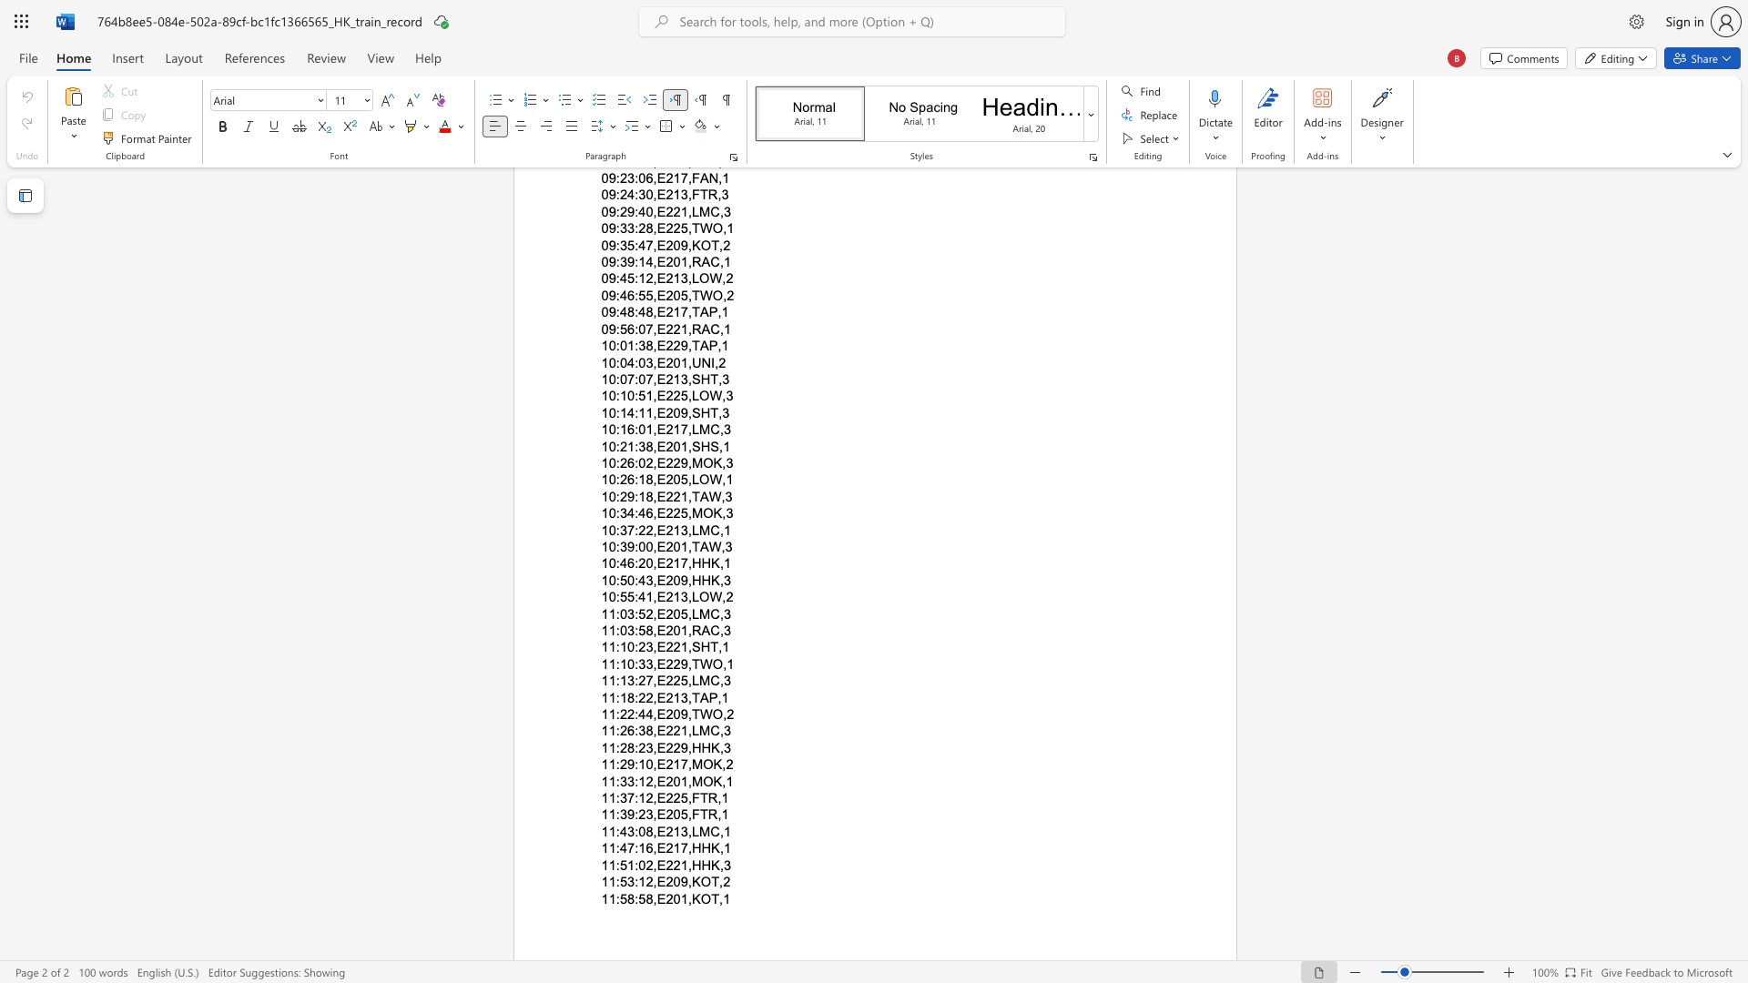 The width and height of the screenshot is (1748, 983). What do you see at coordinates (708, 646) in the screenshot?
I see `the space between the continuous character "H" and "T" in the text` at bounding box center [708, 646].